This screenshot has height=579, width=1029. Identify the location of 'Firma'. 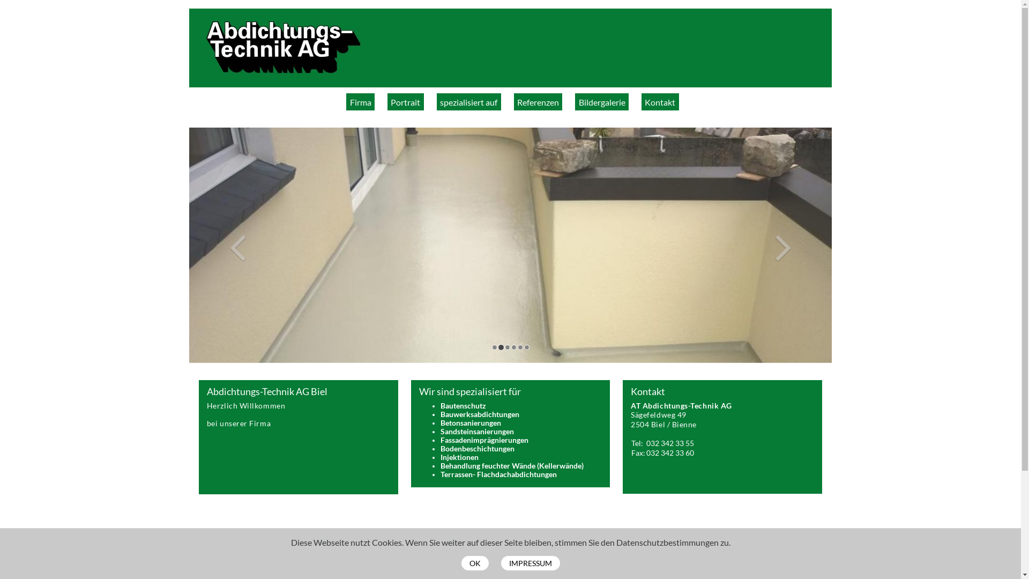
(360, 101).